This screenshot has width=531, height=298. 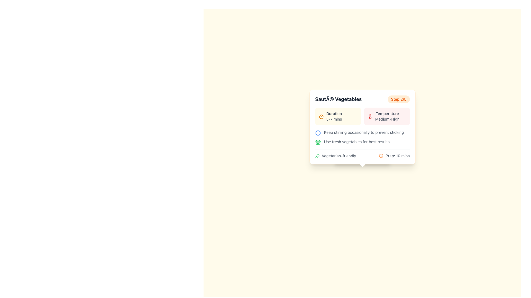 What do you see at coordinates (335, 156) in the screenshot?
I see `vegetarian diet suitability label located in the bottom-left part of the card, just above the 'Prep: 10 mins' text and to the right of the leaf icon` at bounding box center [335, 156].